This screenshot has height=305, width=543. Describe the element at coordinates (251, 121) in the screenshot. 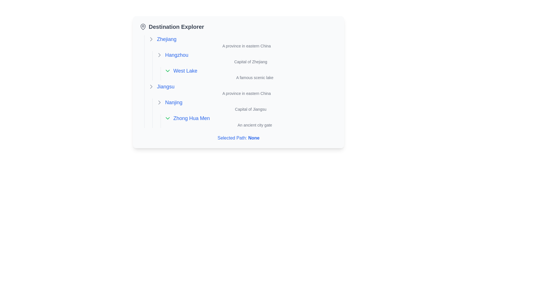

I see `the list item displaying 'Zhong Hua Men' with the dropdown and descriptive text 'An ancient city gate' located under the 'Nanjing' item in the hierarchical navigation interface` at that location.